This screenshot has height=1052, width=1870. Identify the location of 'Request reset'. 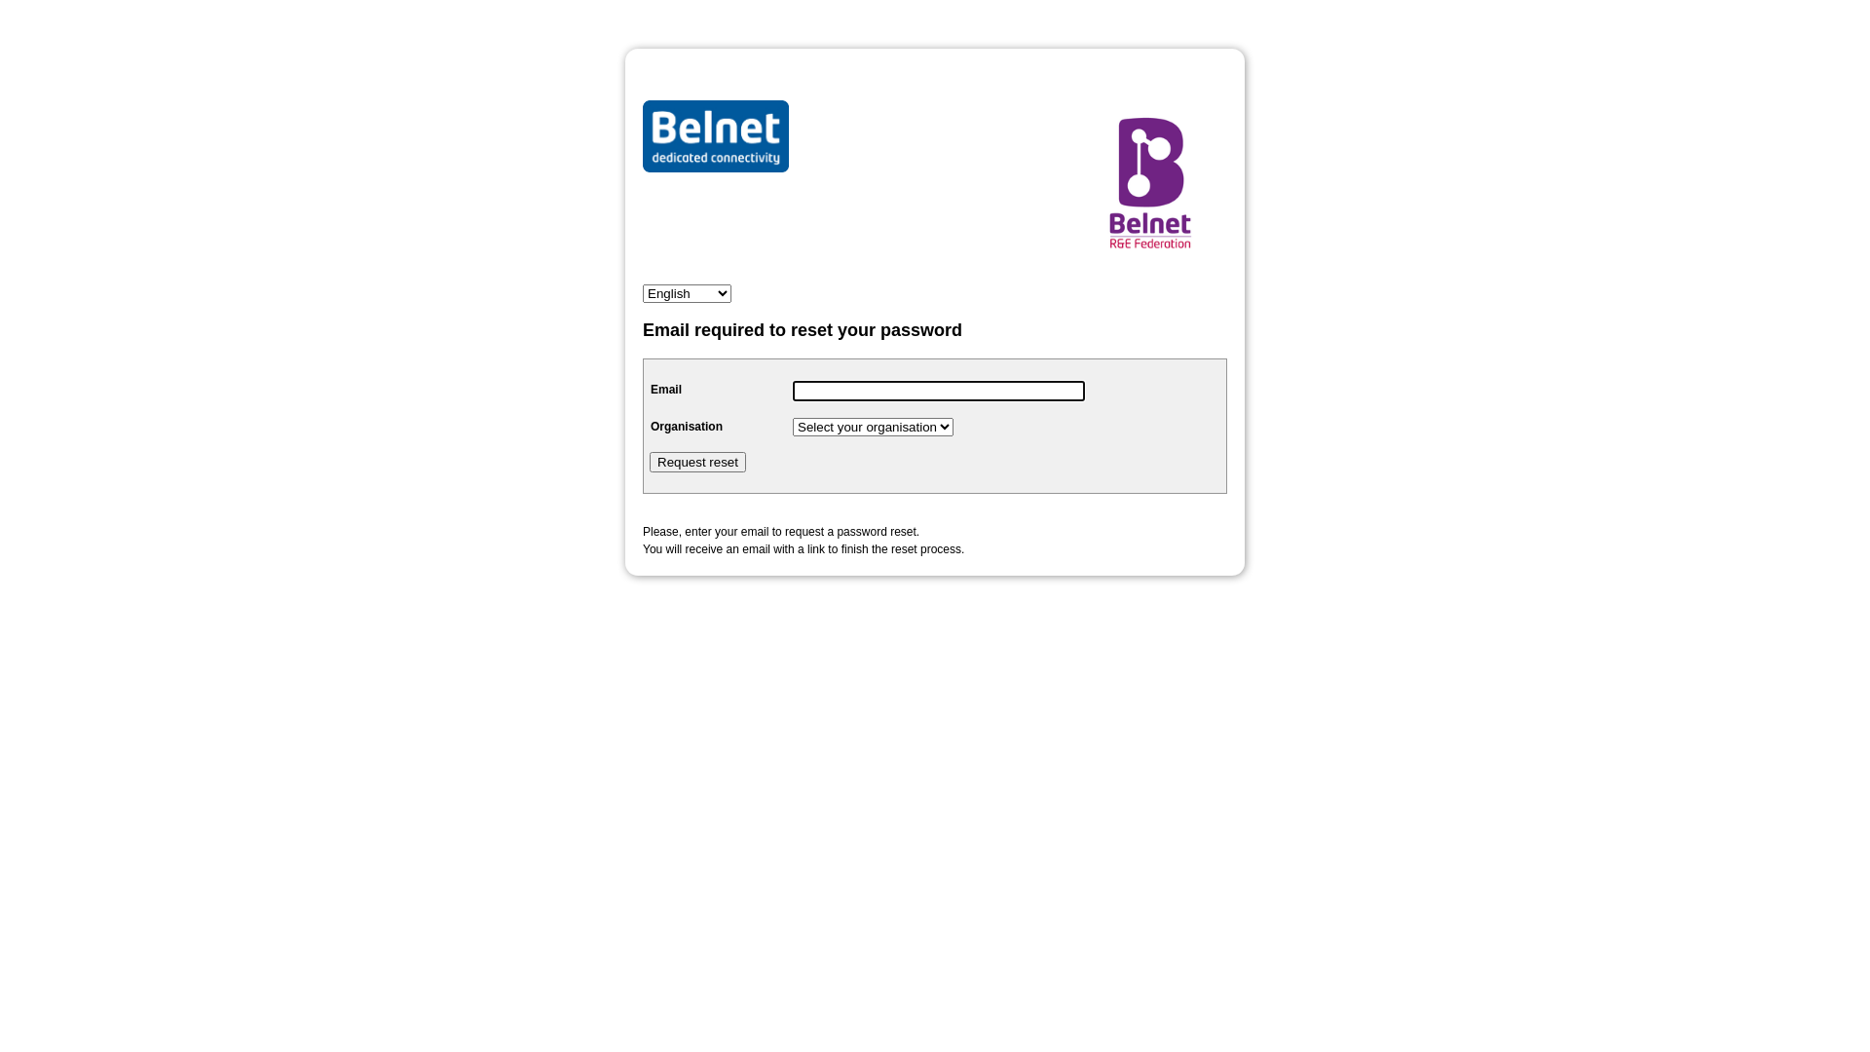
(697, 462).